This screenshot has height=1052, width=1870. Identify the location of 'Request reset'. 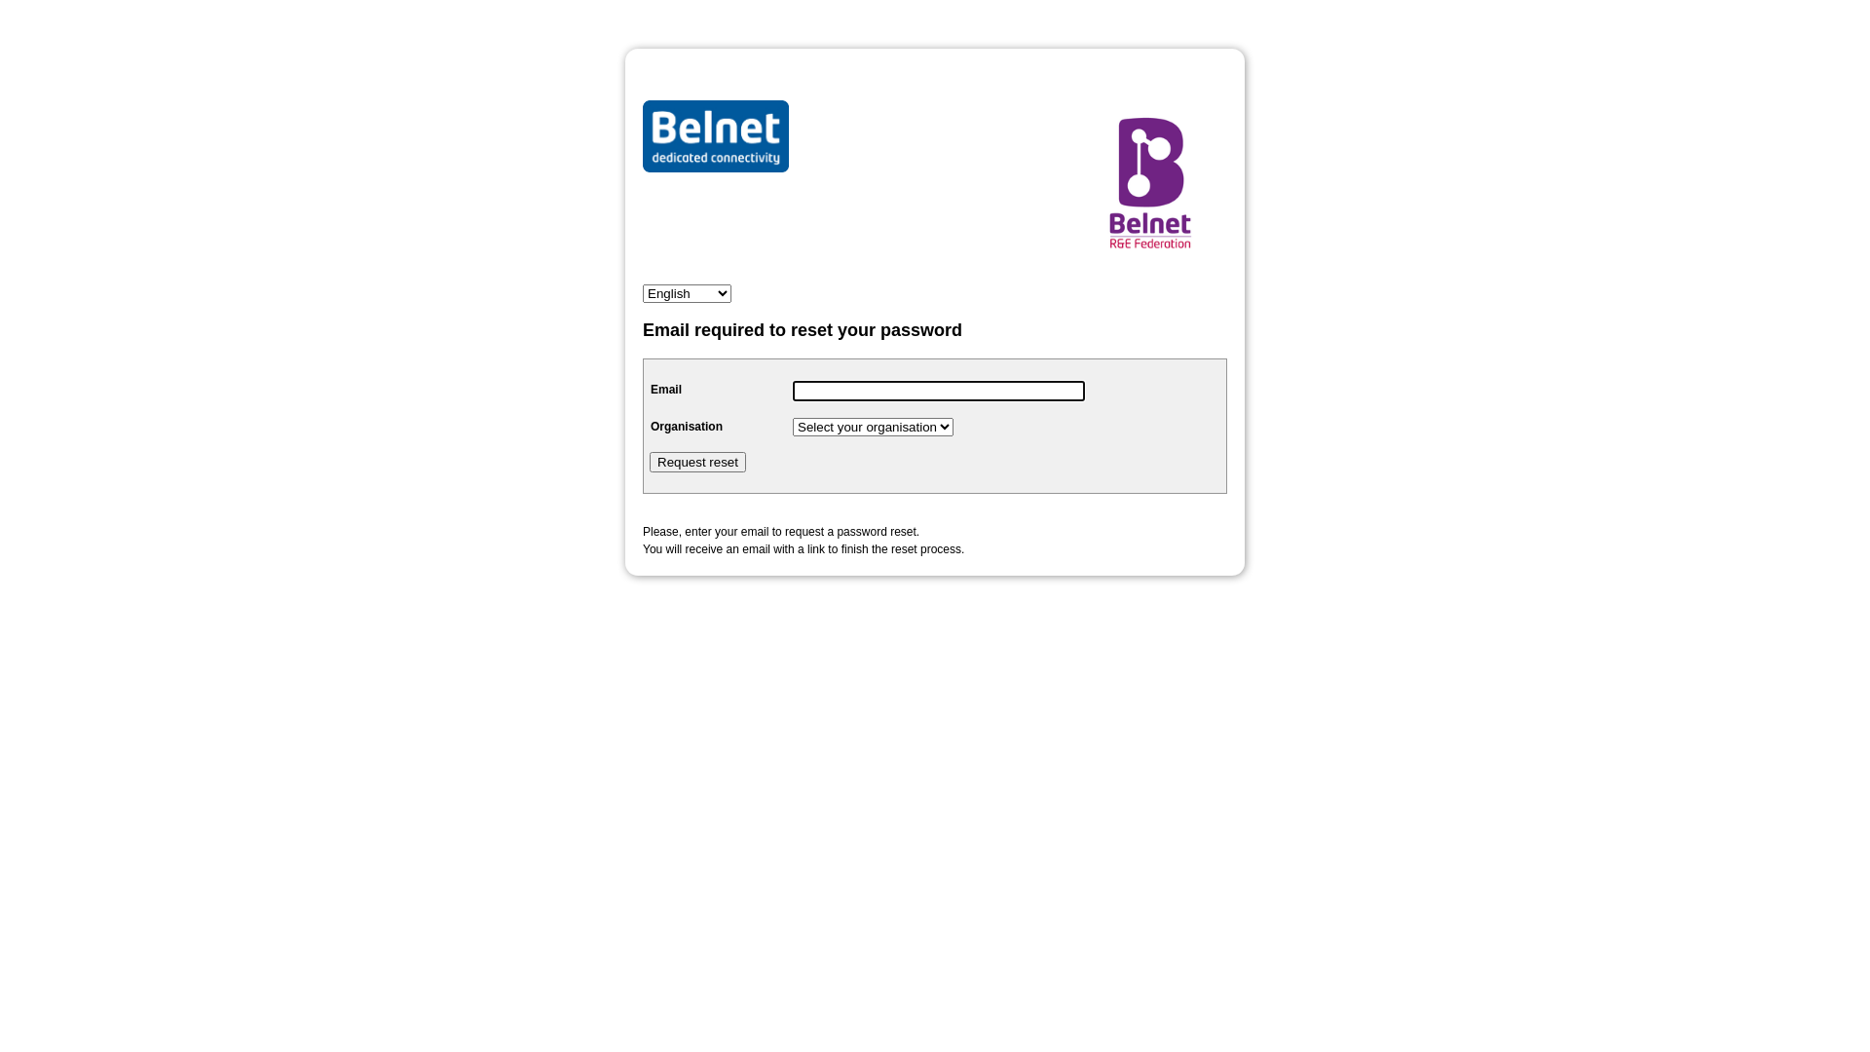
(697, 462).